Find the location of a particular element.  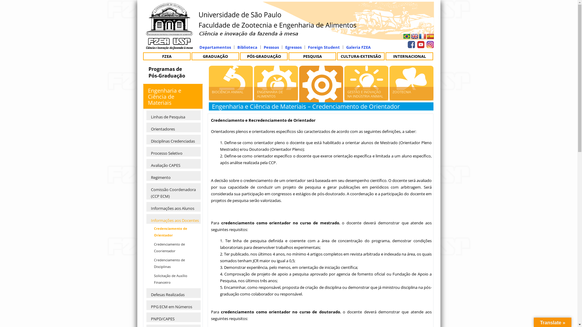

'FZEA-USP' is located at coordinates (169, 46).